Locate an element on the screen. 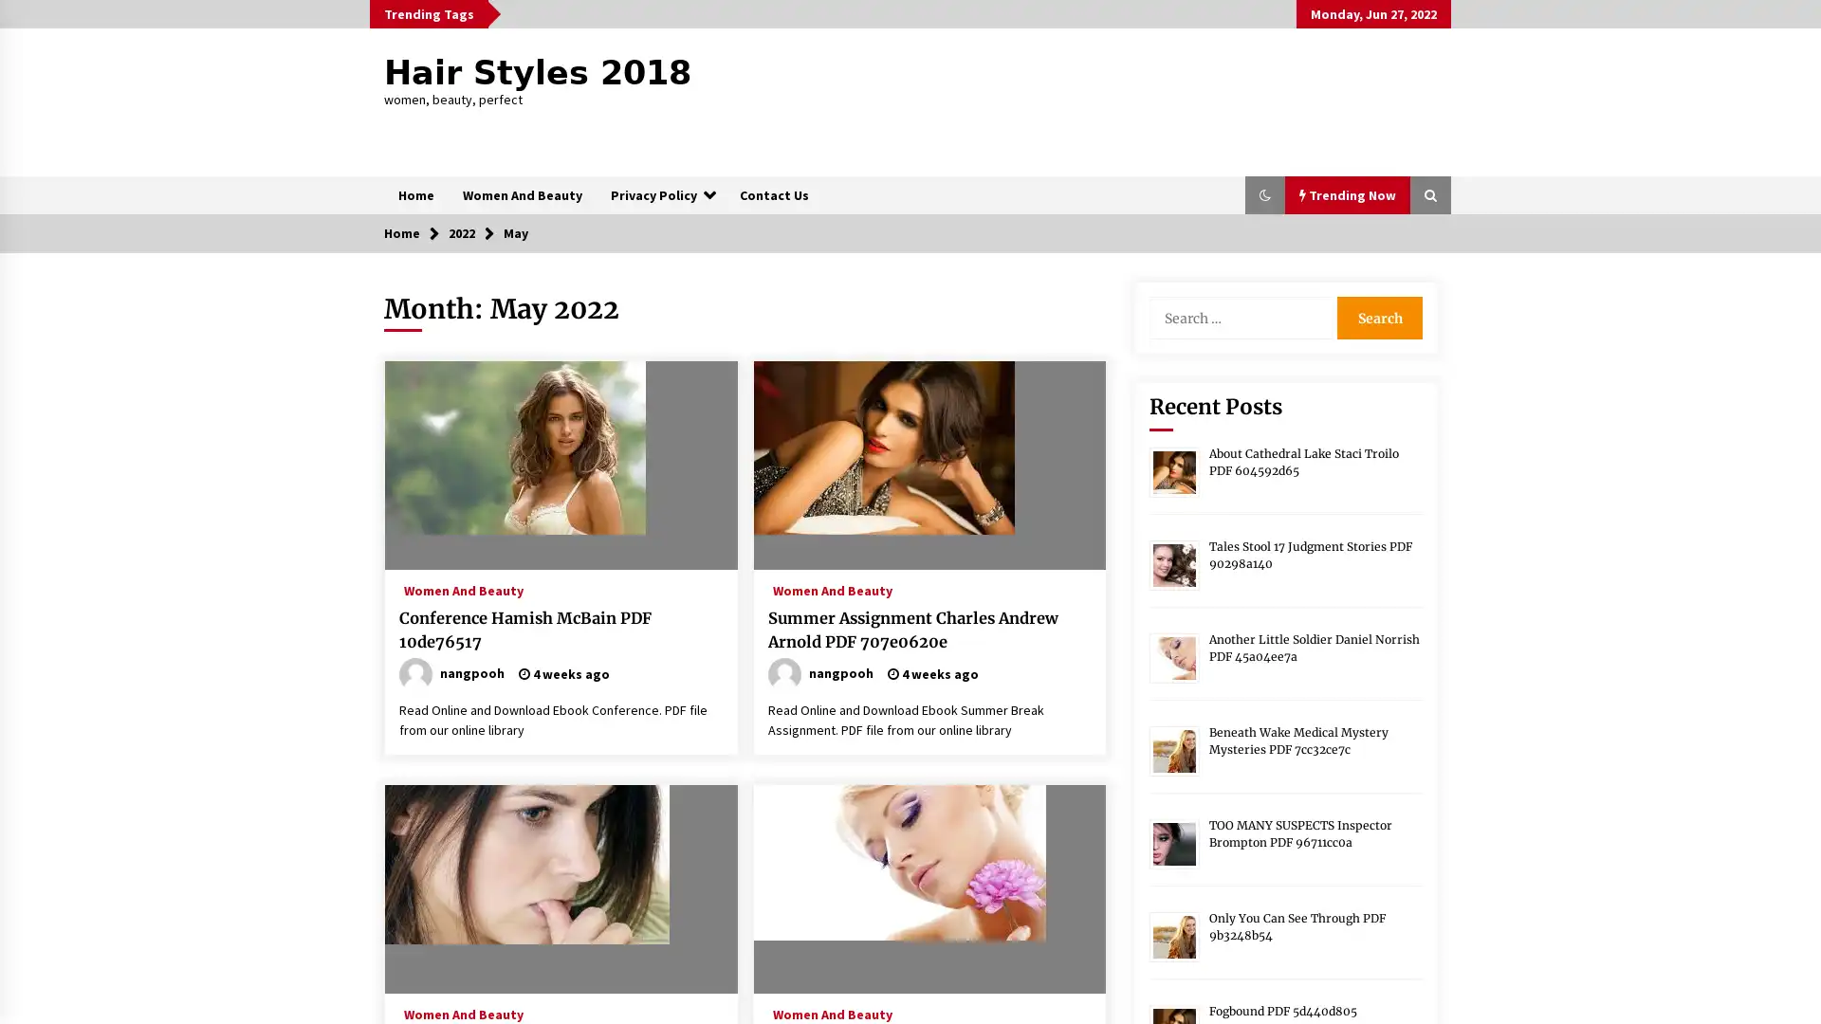 This screenshot has width=1821, height=1024. Search is located at coordinates (1379, 317).